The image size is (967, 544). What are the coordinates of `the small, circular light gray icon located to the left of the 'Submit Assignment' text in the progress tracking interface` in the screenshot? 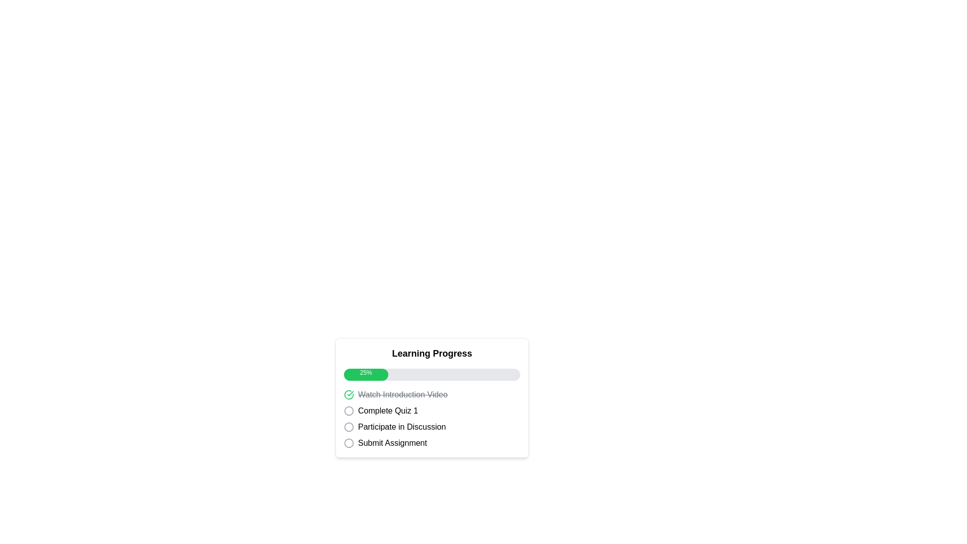 It's located at (349, 442).